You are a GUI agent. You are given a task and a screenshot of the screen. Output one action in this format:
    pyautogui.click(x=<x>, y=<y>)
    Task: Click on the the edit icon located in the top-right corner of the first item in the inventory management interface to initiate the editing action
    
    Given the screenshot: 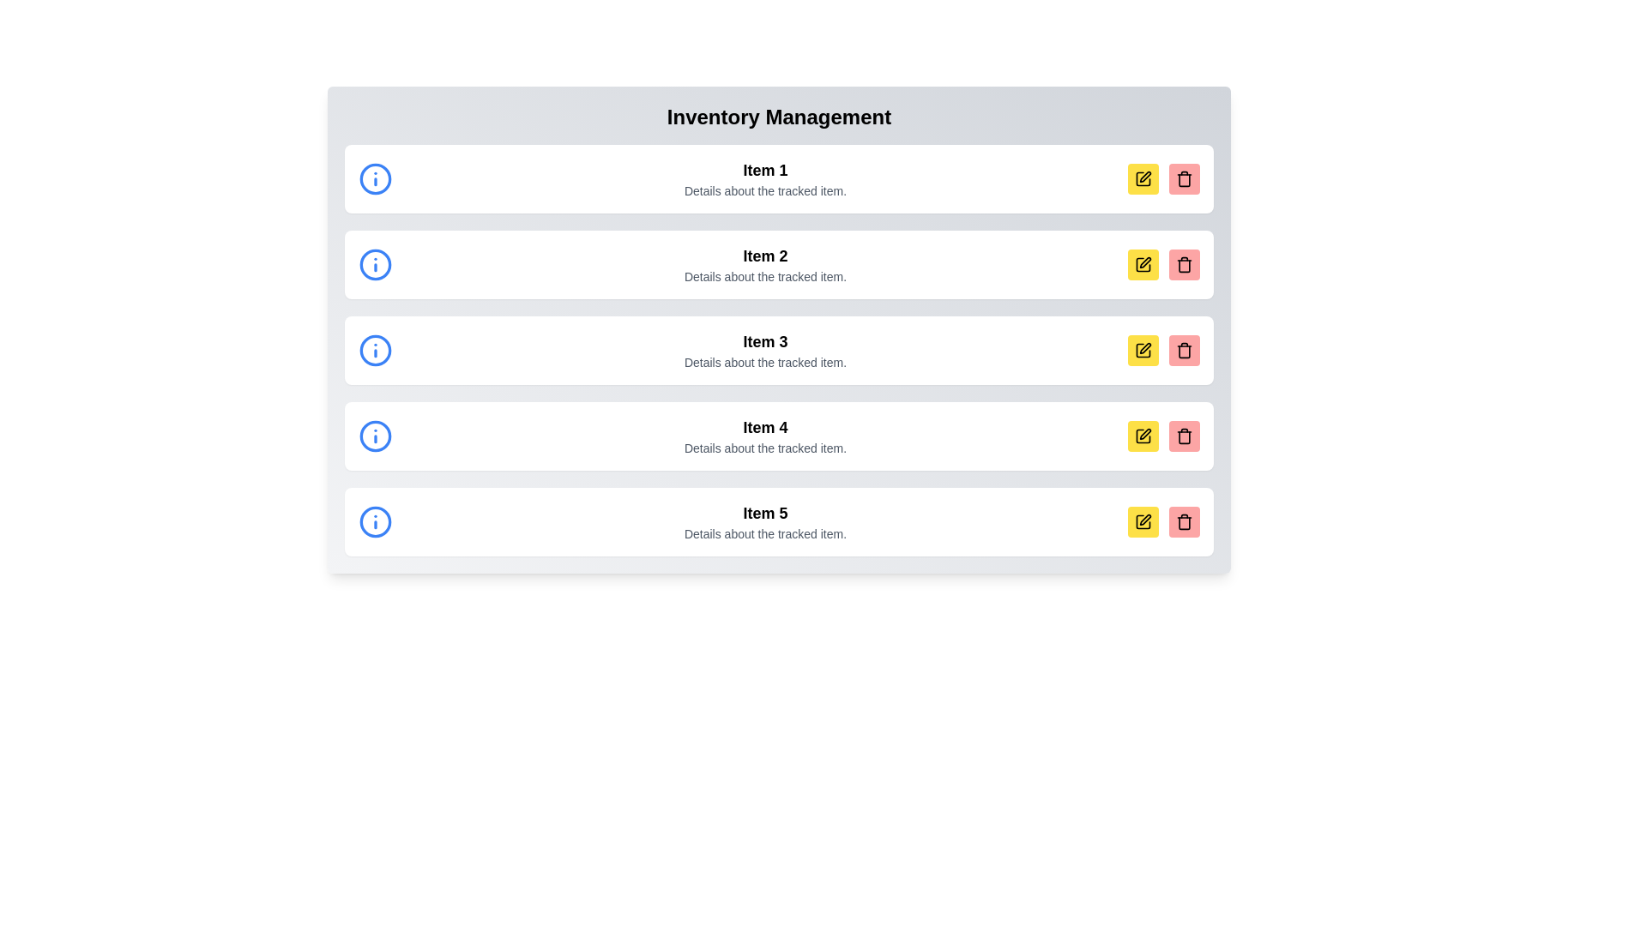 What is the action you would take?
    pyautogui.click(x=1143, y=178)
    